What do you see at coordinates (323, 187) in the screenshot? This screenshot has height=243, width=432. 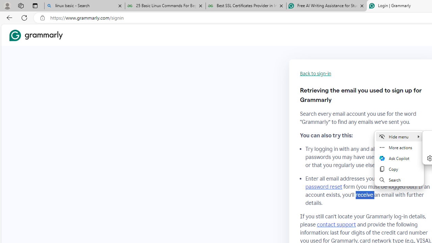 I see `'password reset'` at bounding box center [323, 187].